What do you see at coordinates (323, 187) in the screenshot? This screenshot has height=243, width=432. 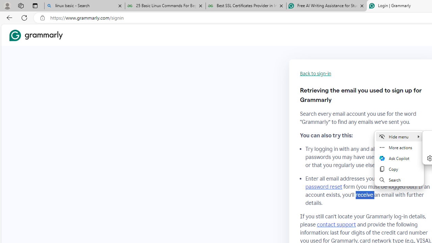 I see `'password reset'` at bounding box center [323, 187].